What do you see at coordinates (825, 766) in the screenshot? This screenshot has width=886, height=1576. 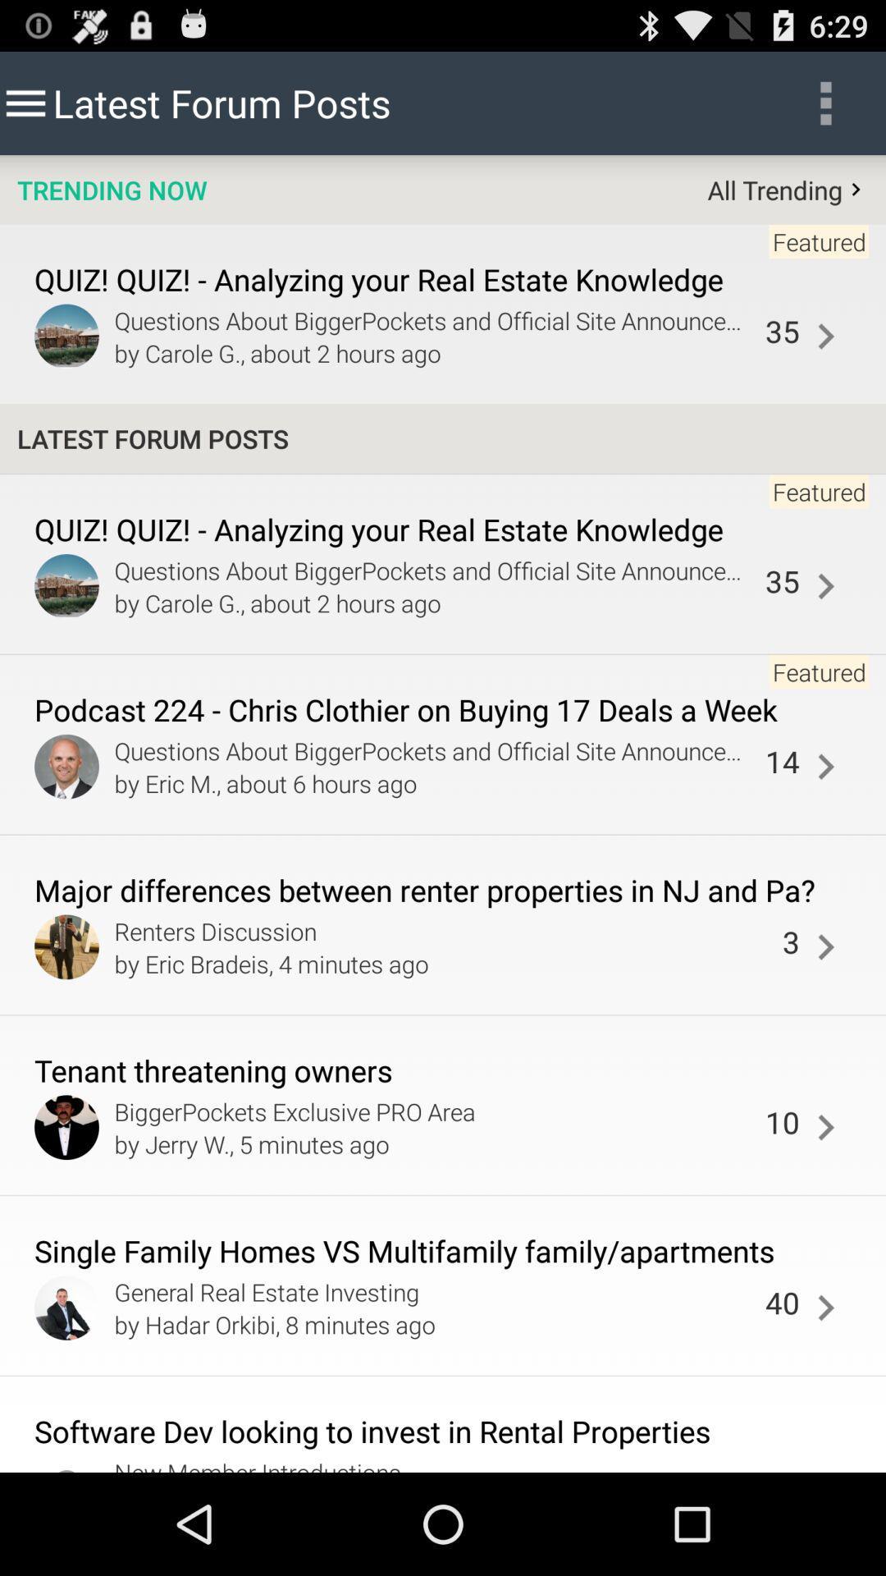 I see `app next to 14 app` at bounding box center [825, 766].